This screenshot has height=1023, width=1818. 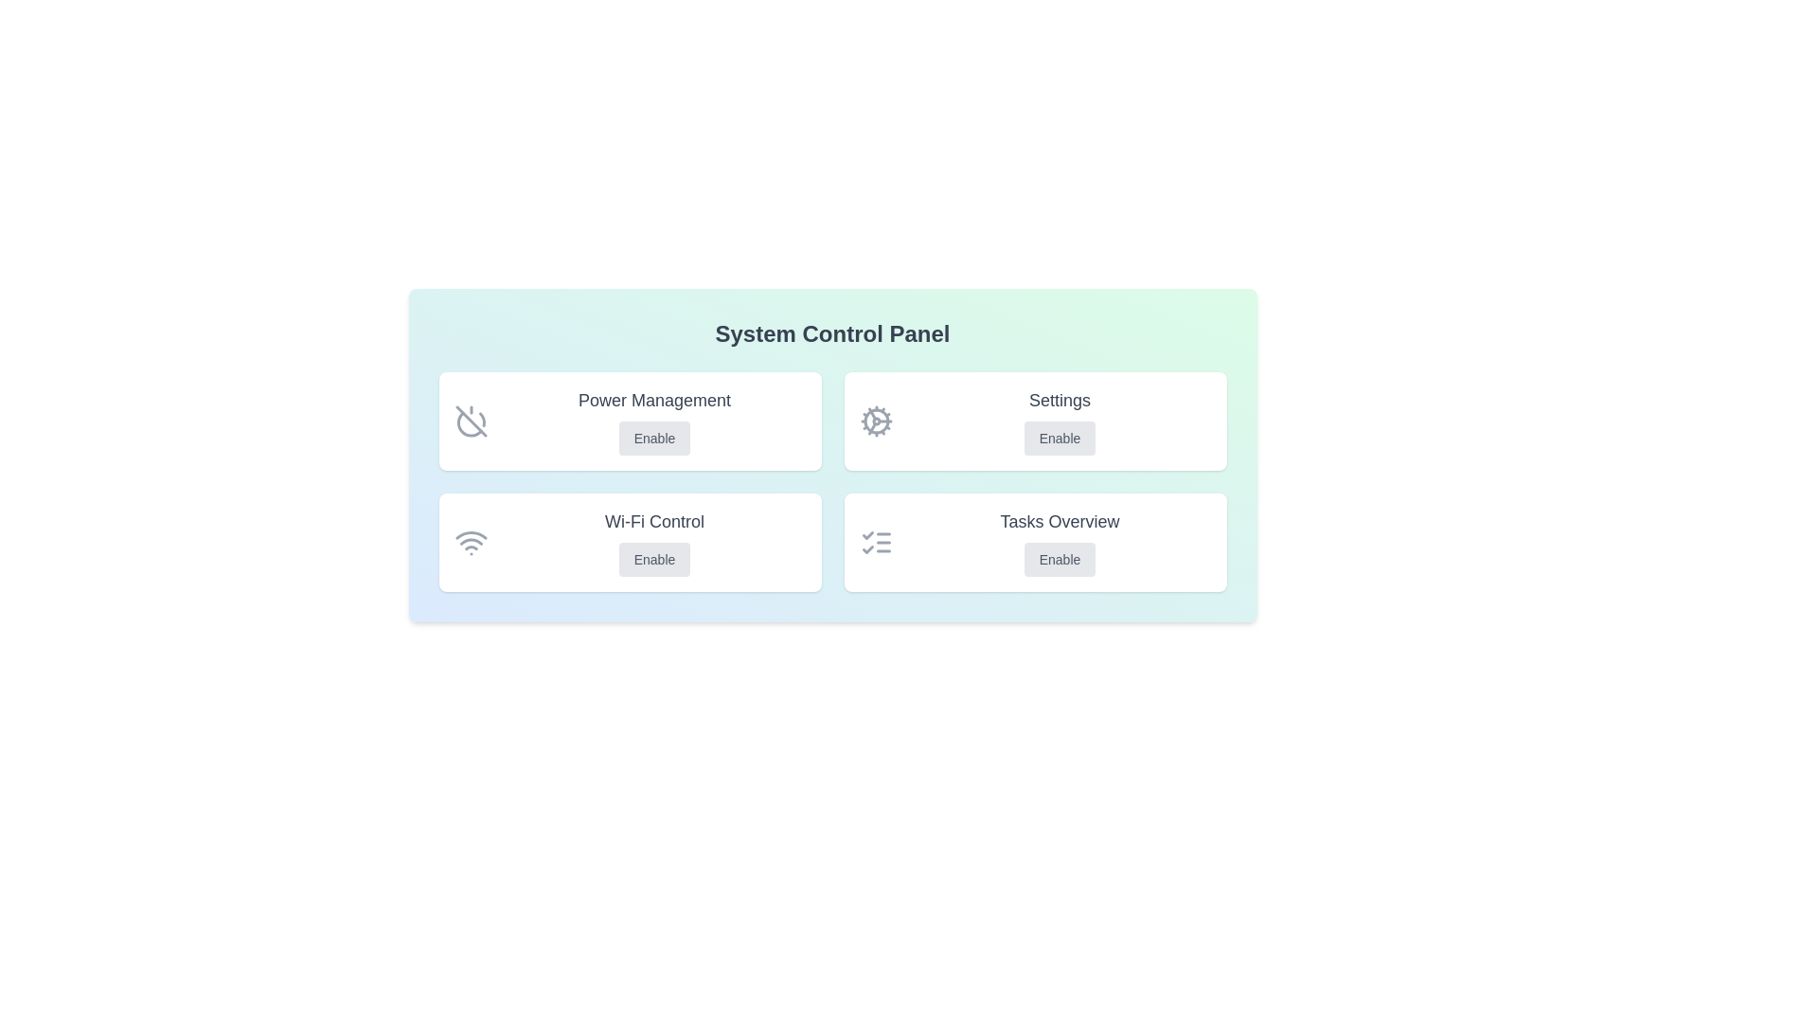 I want to click on the gear-shaped icon with a gray color located to the left of the 'Settings' text label in the 'Settings' box, so click(x=875, y=420).